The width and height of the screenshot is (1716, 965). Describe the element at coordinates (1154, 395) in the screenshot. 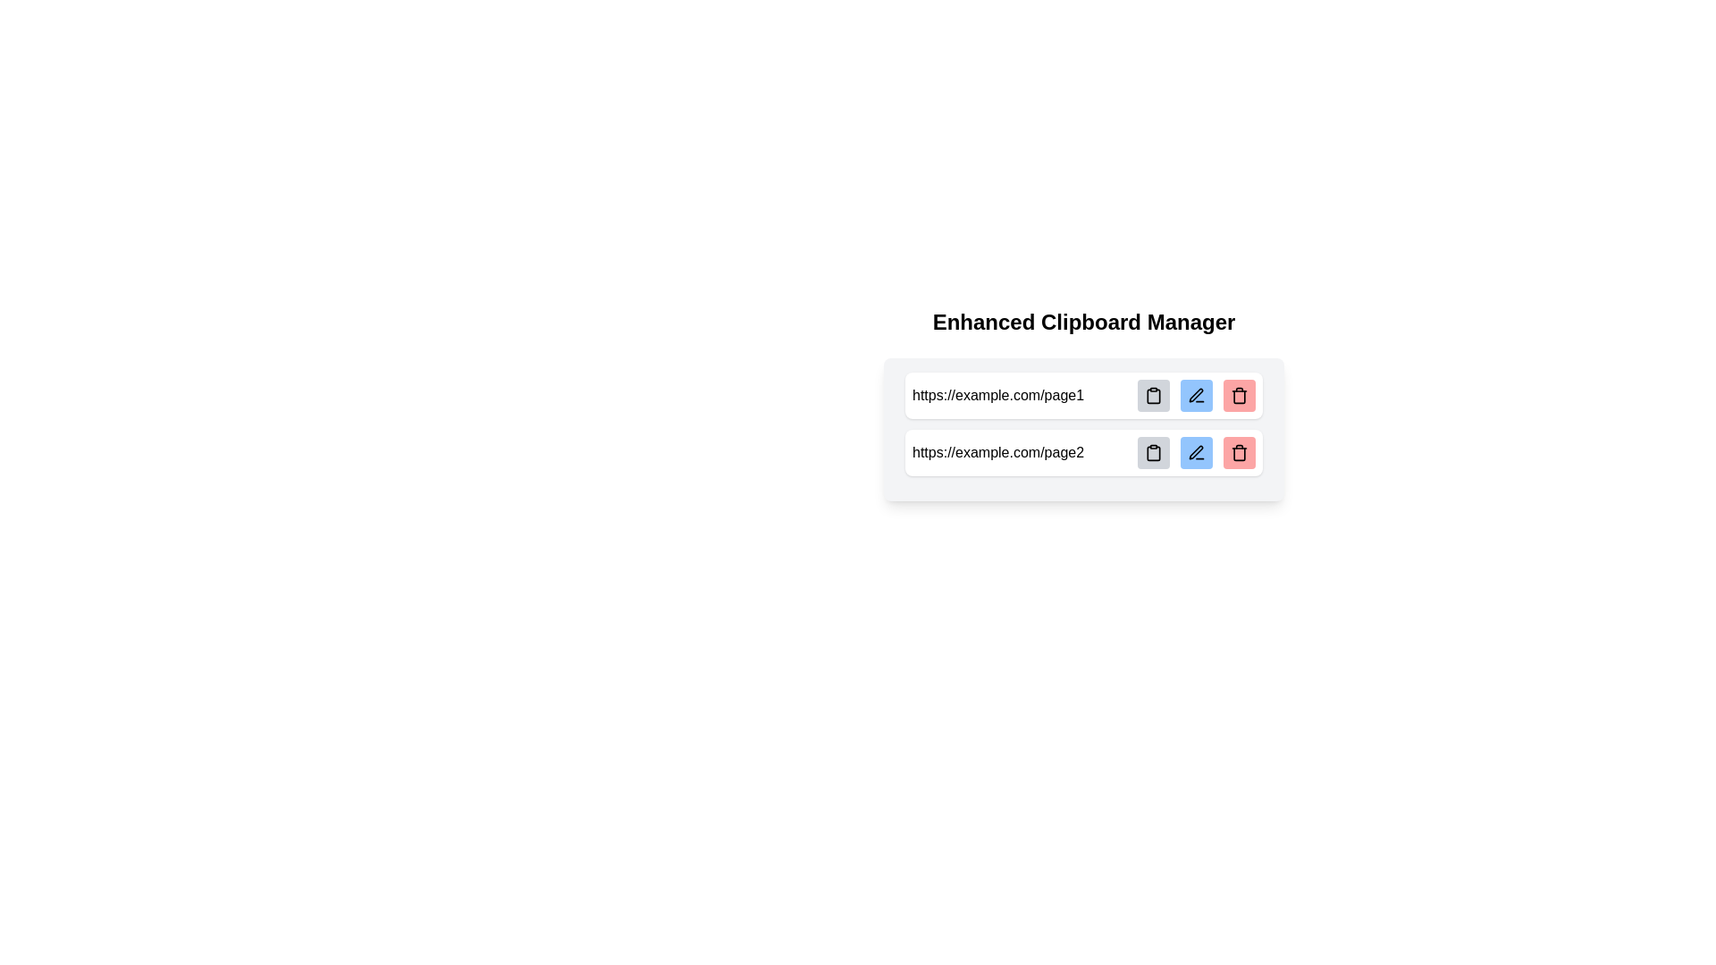

I see `the clipboard icon located in the first action button group of the list item for 'https://example.com/page1'` at that location.